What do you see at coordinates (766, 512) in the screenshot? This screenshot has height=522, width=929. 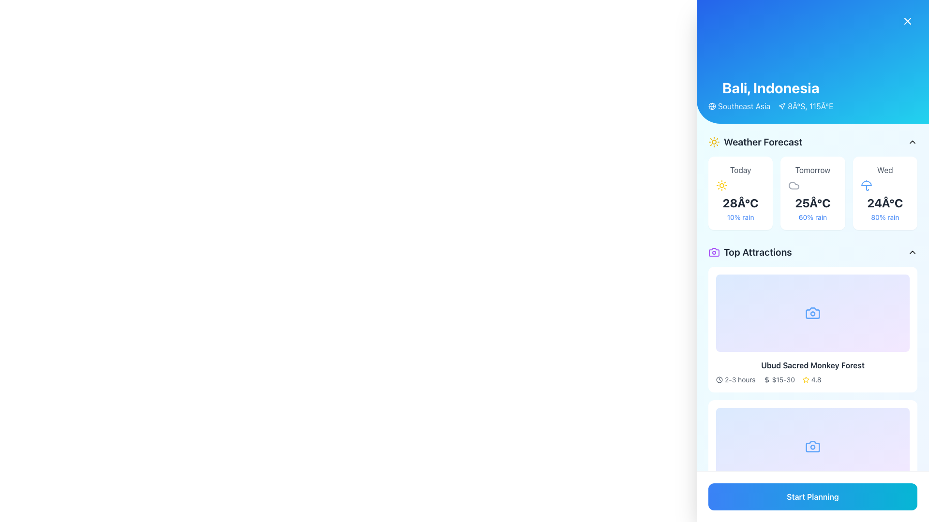 I see `the dollar sign icon` at bounding box center [766, 512].